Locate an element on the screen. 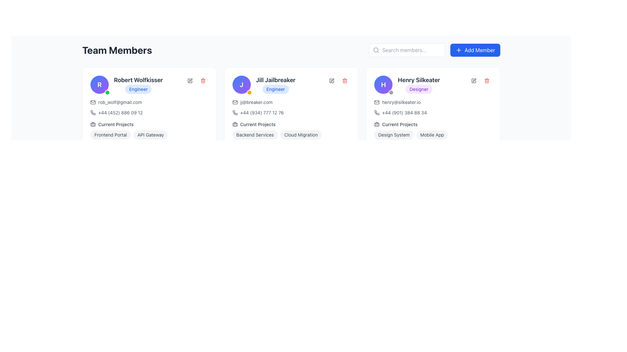 This screenshot has width=627, height=352. the label displaying the word 'Engineer', which has a light blue background and is positioned under the user's name 'Jill Jailbreaker' in a user card layout is located at coordinates (264, 84).